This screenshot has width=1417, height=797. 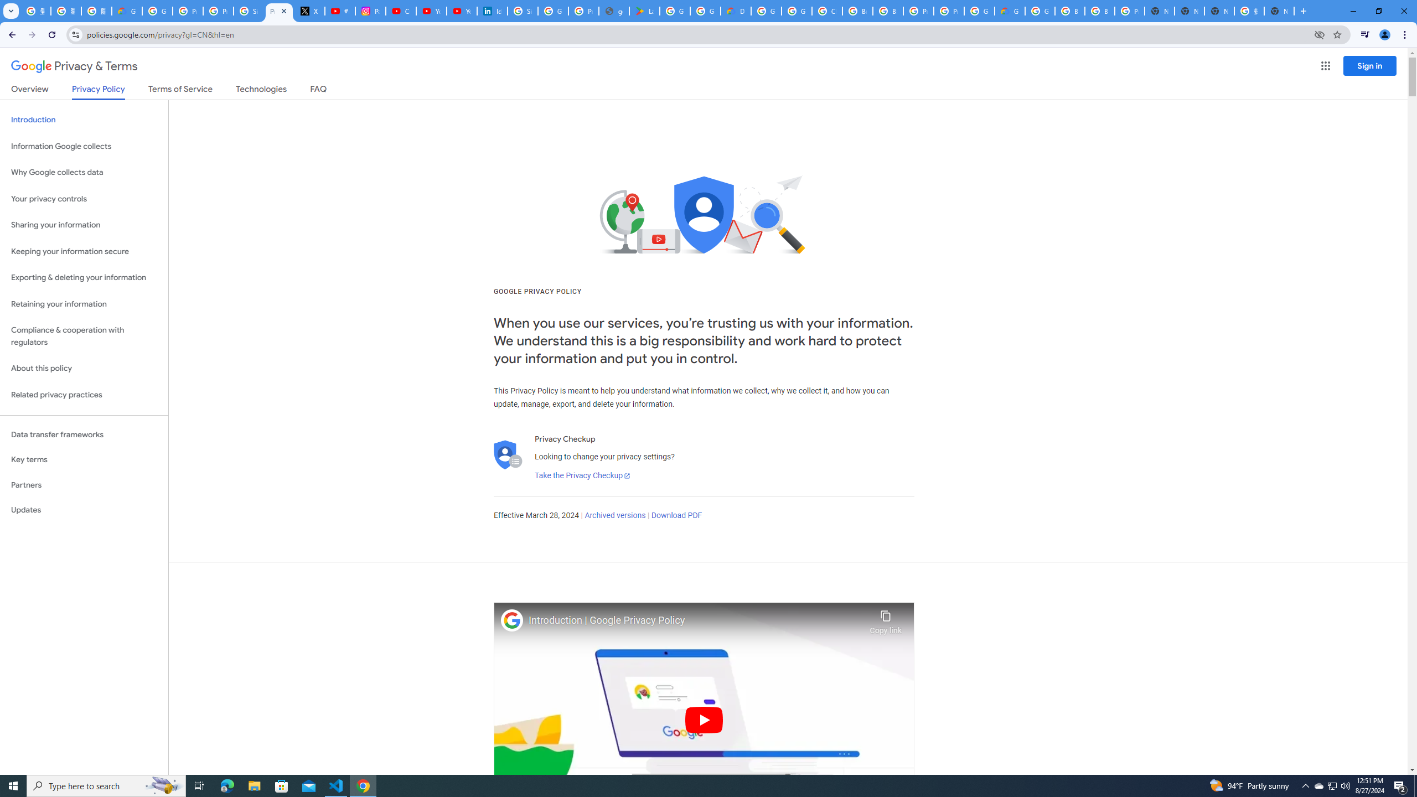 I want to click on 'Retaining your information', so click(x=84, y=304).